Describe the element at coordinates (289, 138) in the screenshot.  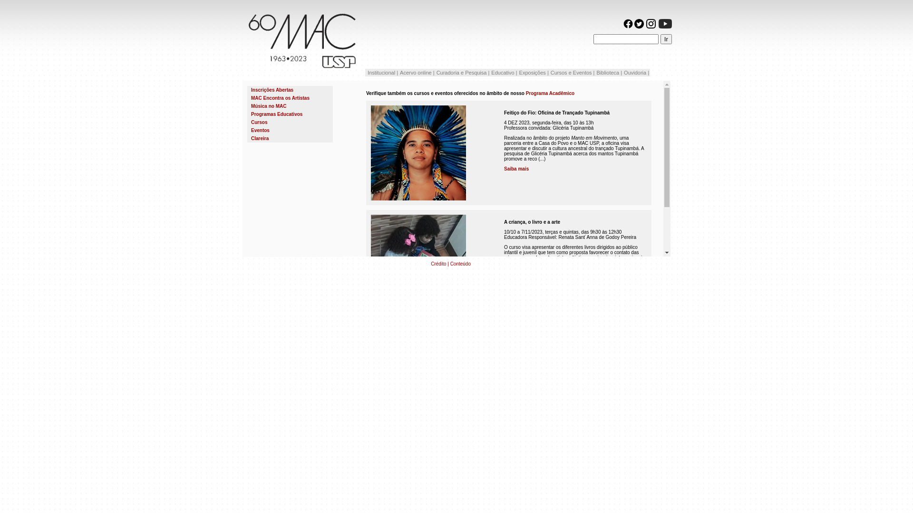
I see `'Clareira'` at that location.